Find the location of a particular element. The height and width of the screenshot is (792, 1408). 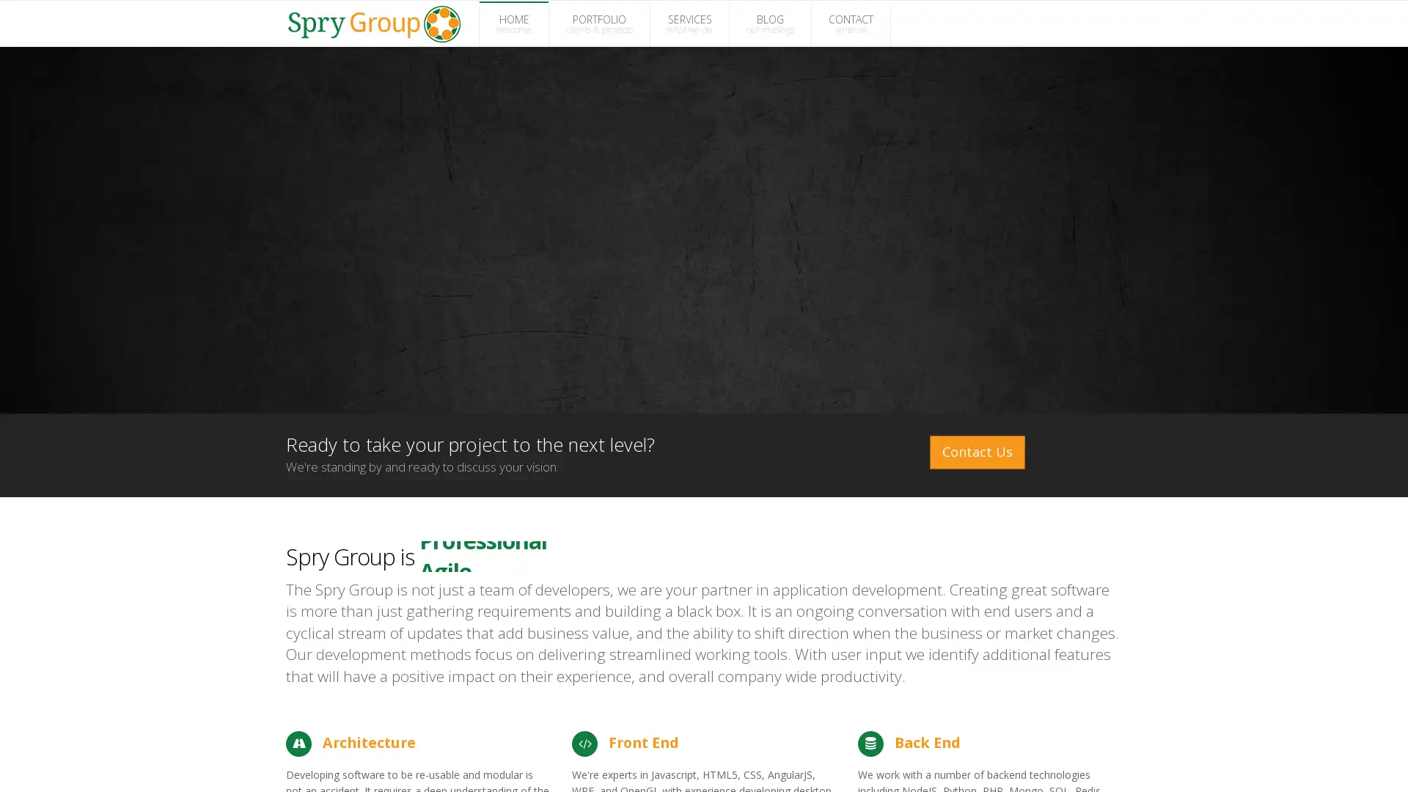

Schedule is located at coordinates (1253, 763).